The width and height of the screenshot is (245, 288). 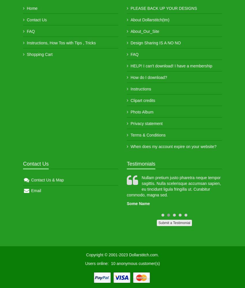 I want to click on 'Privacy statement', so click(x=130, y=124).